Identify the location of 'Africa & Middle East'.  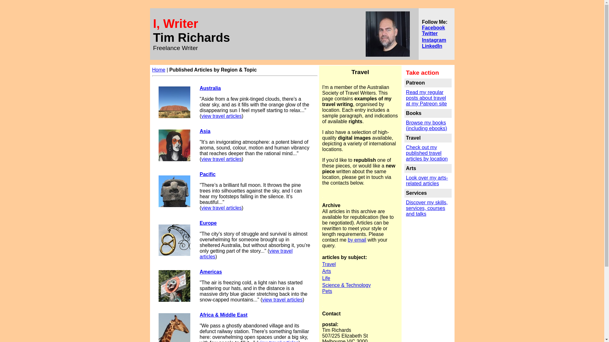
(224, 315).